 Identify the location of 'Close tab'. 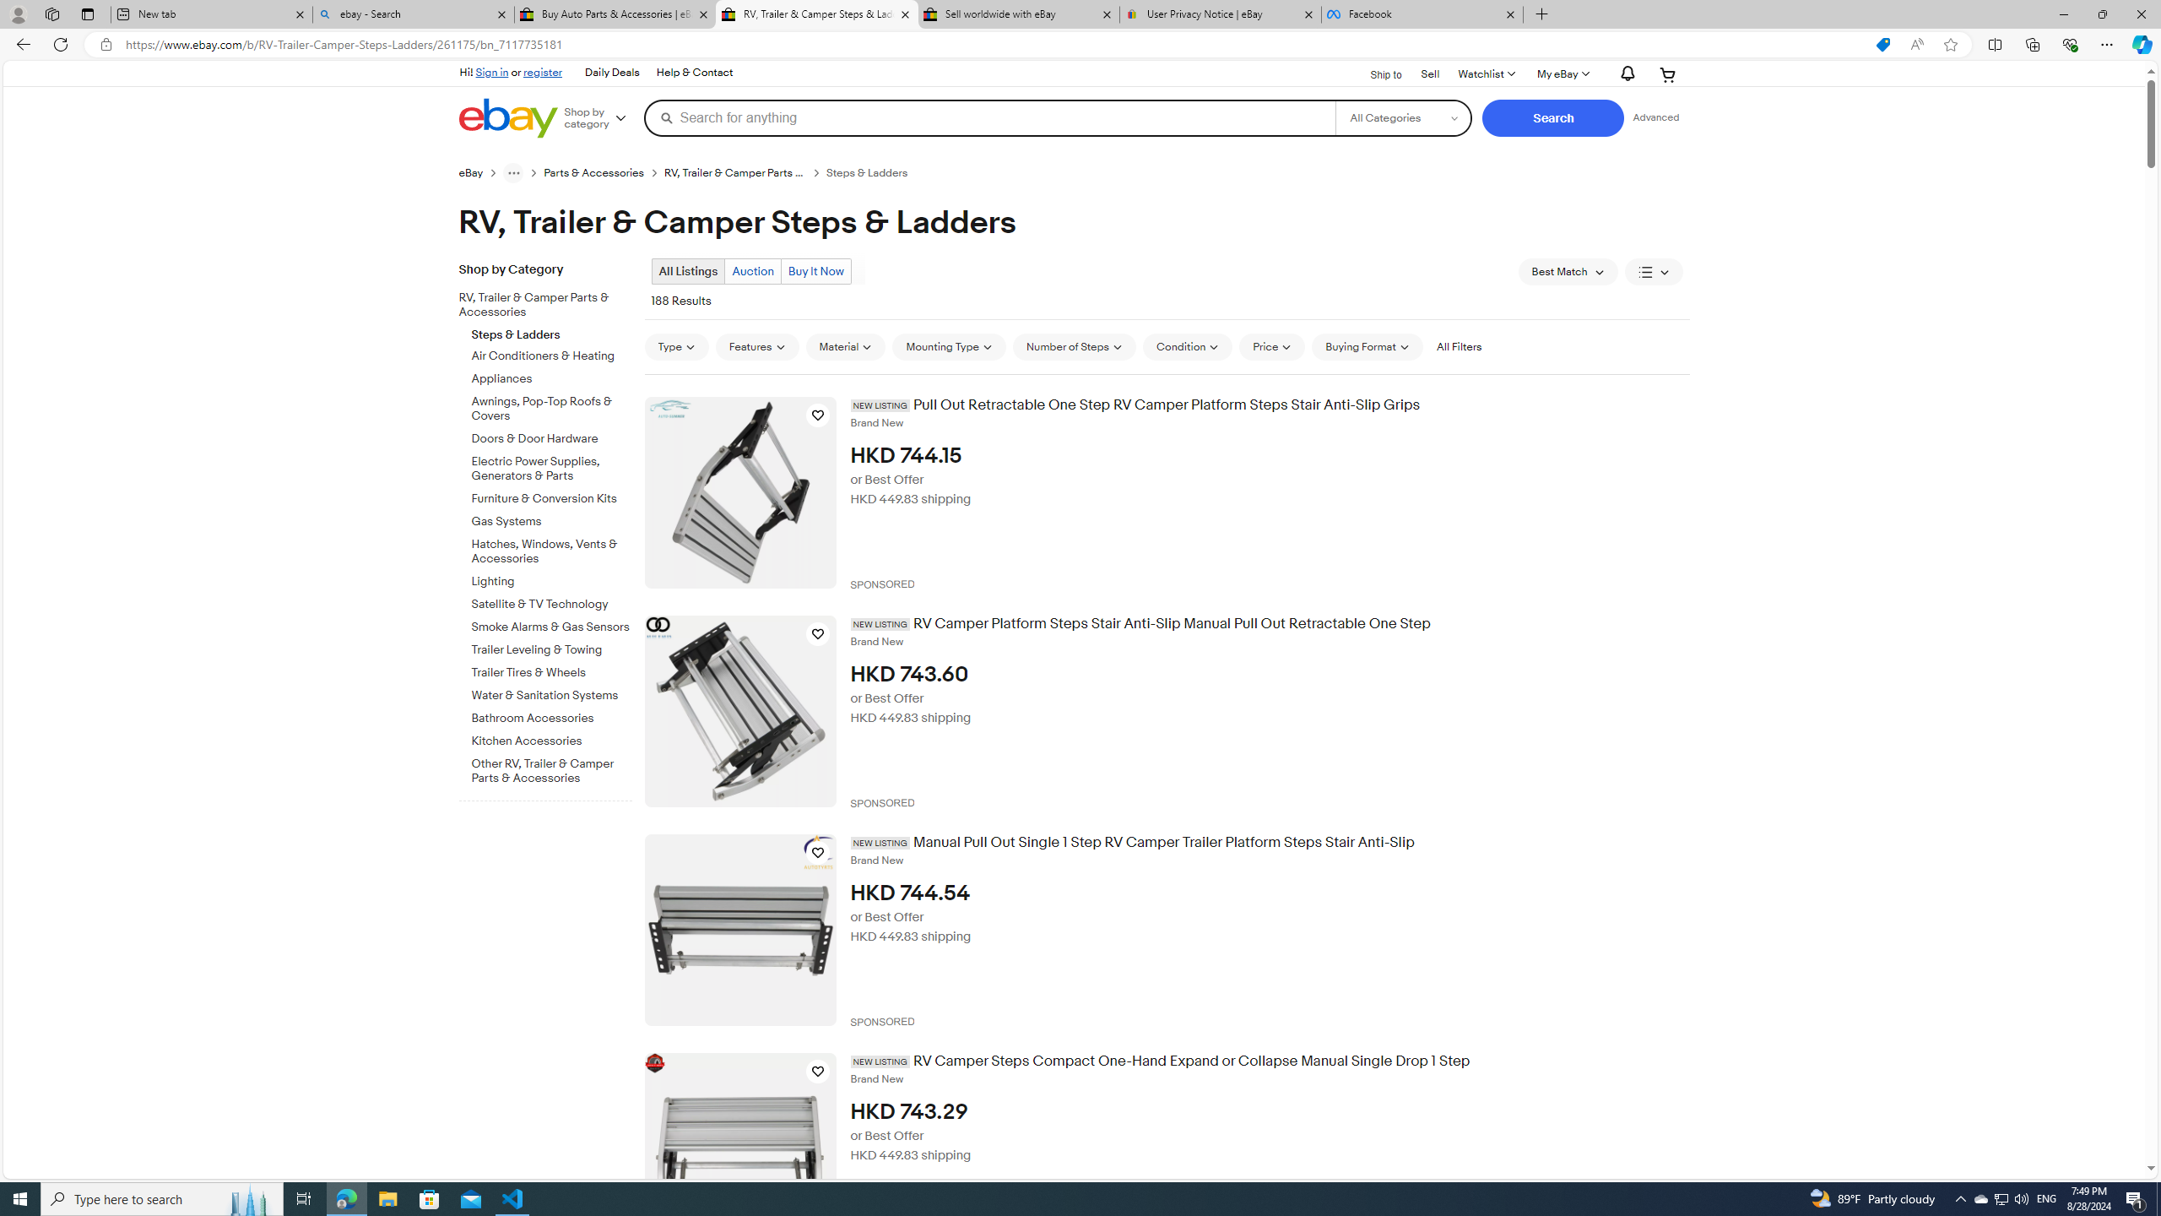
(1510, 14).